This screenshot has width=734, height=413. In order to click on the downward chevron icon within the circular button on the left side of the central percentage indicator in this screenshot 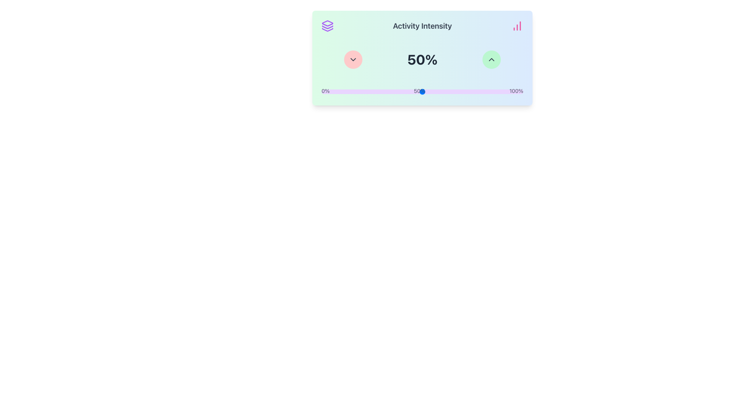, I will do `click(352, 59)`.